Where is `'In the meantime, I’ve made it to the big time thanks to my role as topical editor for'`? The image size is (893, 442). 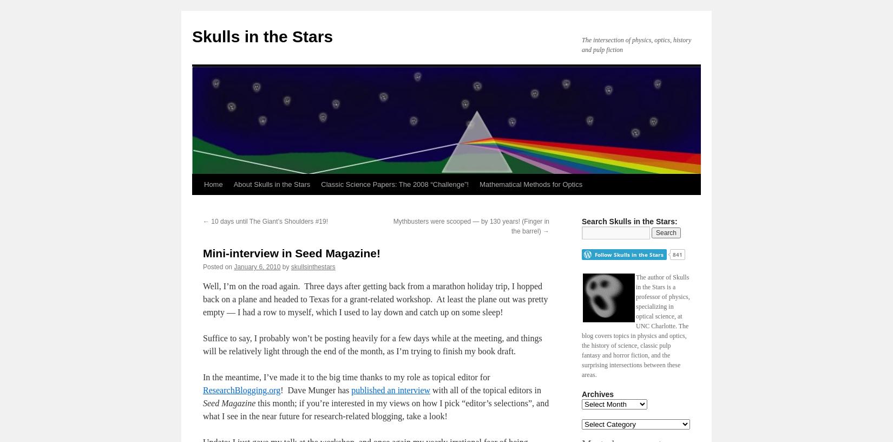
'In the meantime, I’ve made it to the big time thanks to my role as topical editor for' is located at coordinates (346, 376).